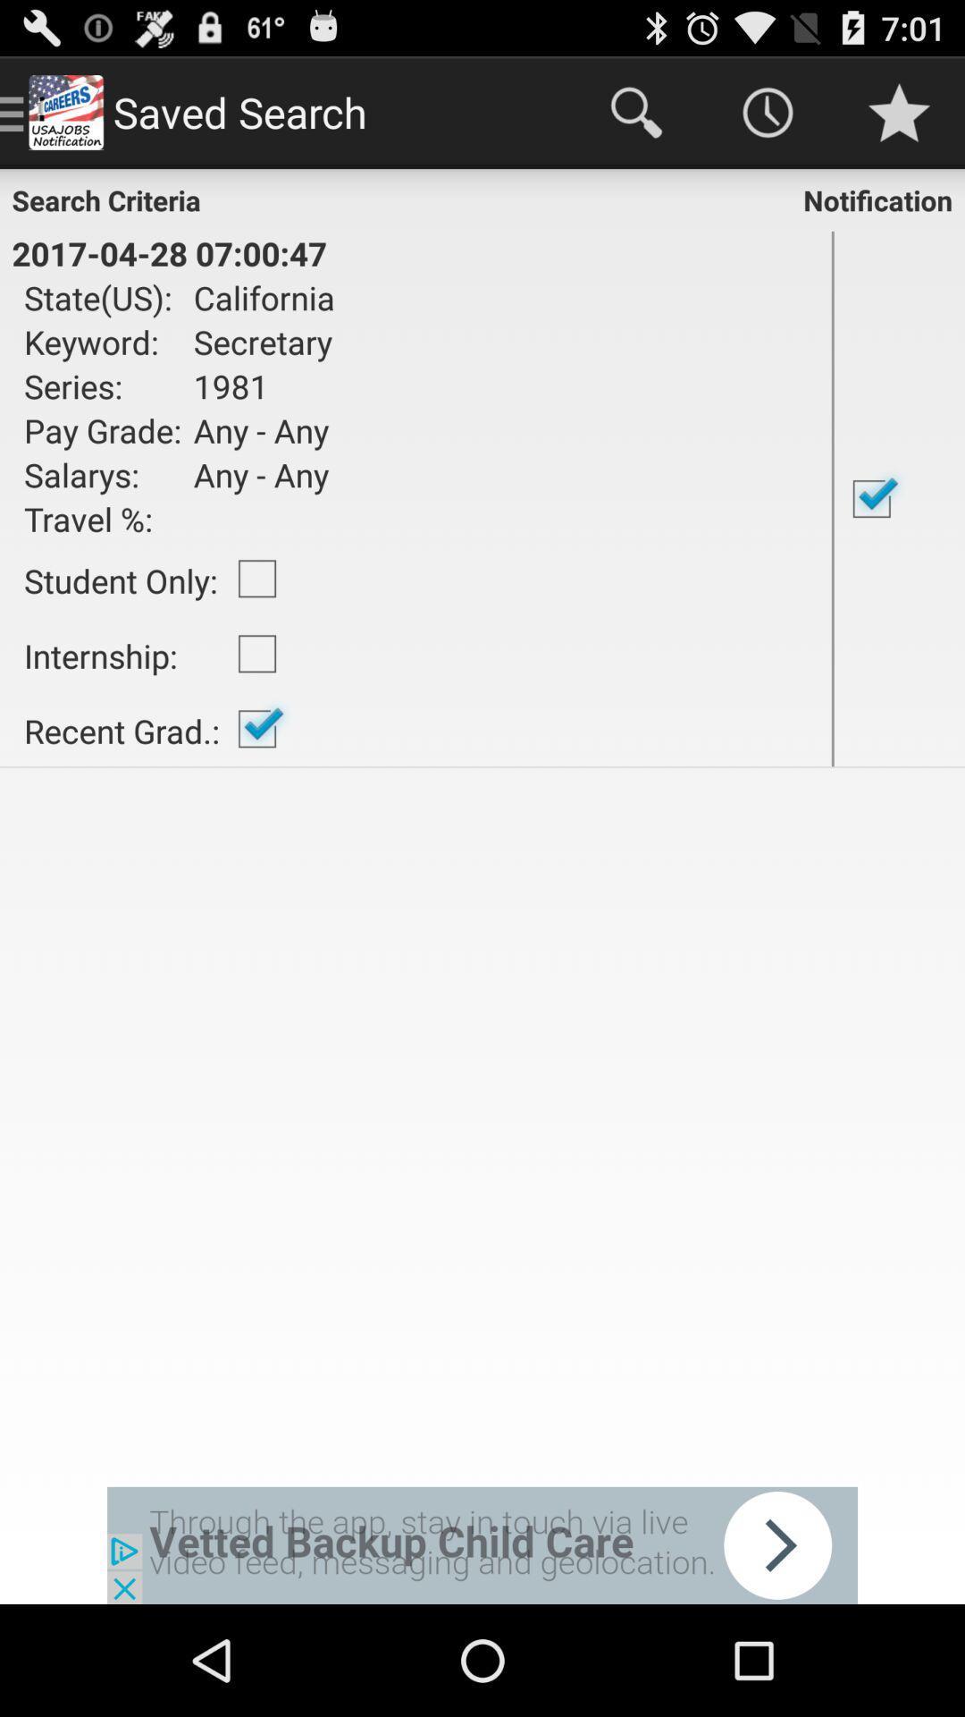 The image size is (965, 1717). What do you see at coordinates (169, 252) in the screenshot?
I see `icon next to notification app` at bounding box center [169, 252].